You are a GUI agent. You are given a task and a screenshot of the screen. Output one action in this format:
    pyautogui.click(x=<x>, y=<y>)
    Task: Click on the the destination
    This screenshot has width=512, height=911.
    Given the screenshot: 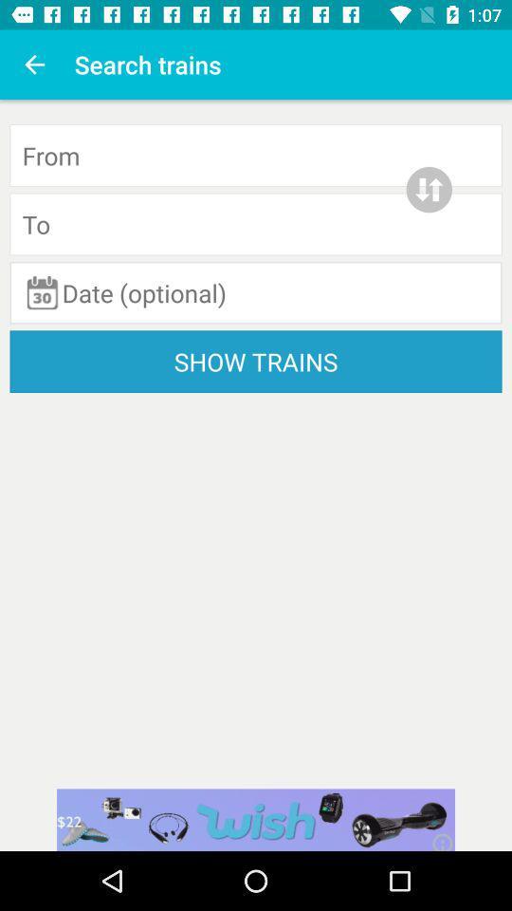 What is the action you would take?
    pyautogui.click(x=256, y=224)
    